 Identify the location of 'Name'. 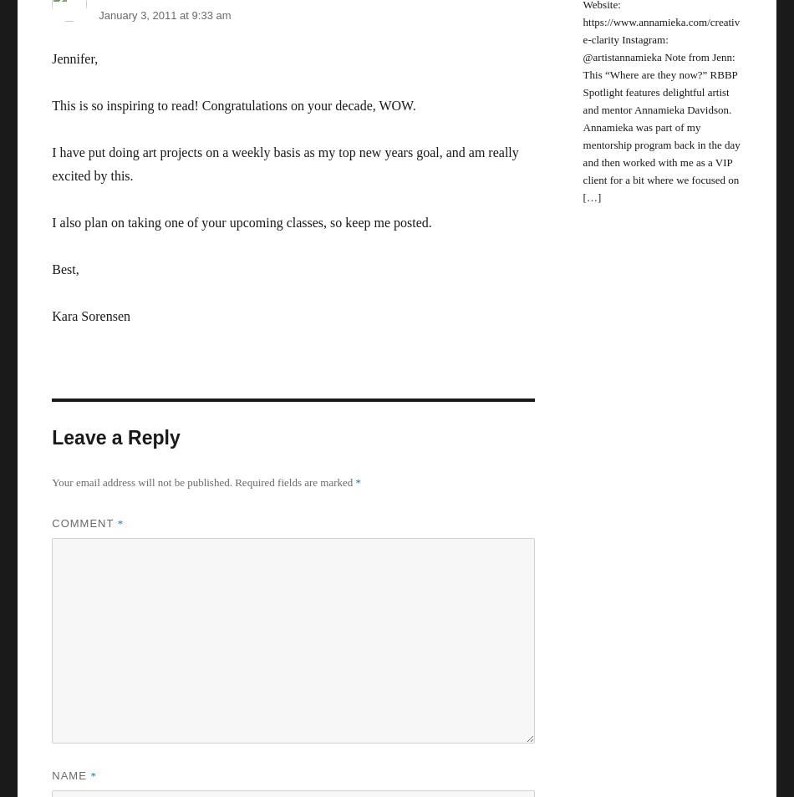
(71, 775).